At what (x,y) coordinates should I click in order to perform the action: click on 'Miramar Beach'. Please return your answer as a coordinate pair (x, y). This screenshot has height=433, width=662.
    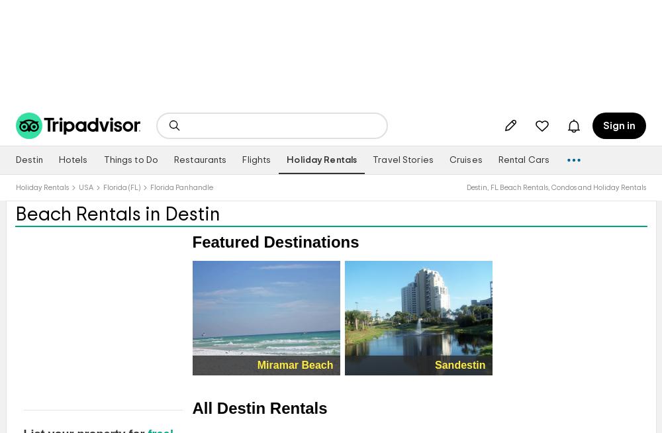
    Looking at the image, I should click on (294, 363).